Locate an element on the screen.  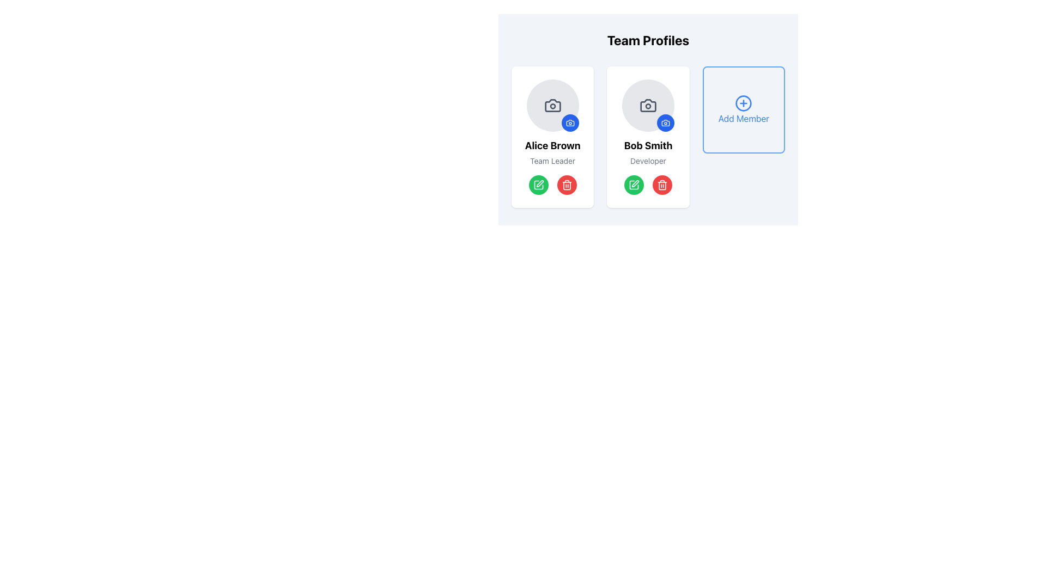
the text label displaying the name 'Bob Smith' located under the circular avatar image and above the role title 'Developer' is located at coordinates (648, 145).